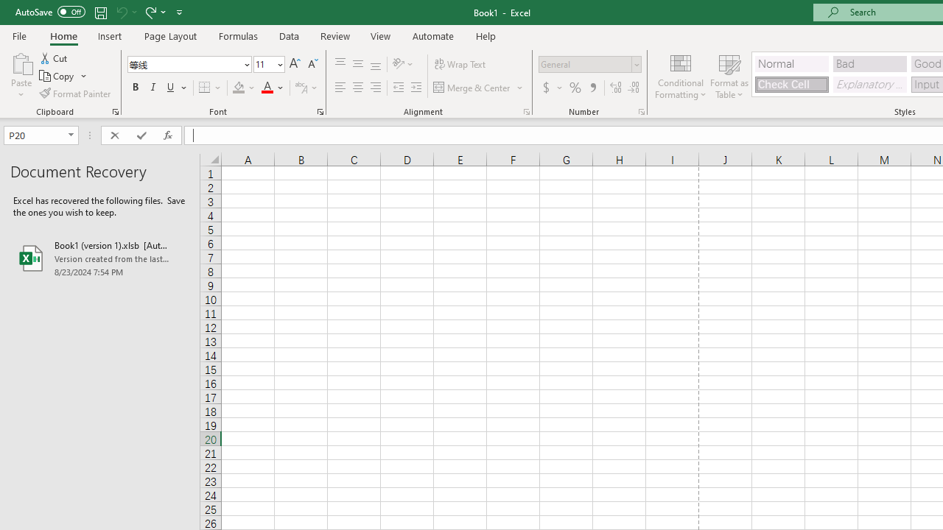 This screenshot has height=530, width=943. What do you see at coordinates (633, 88) in the screenshot?
I see `'Decrease Decimal'` at bounding box center [633, 88].